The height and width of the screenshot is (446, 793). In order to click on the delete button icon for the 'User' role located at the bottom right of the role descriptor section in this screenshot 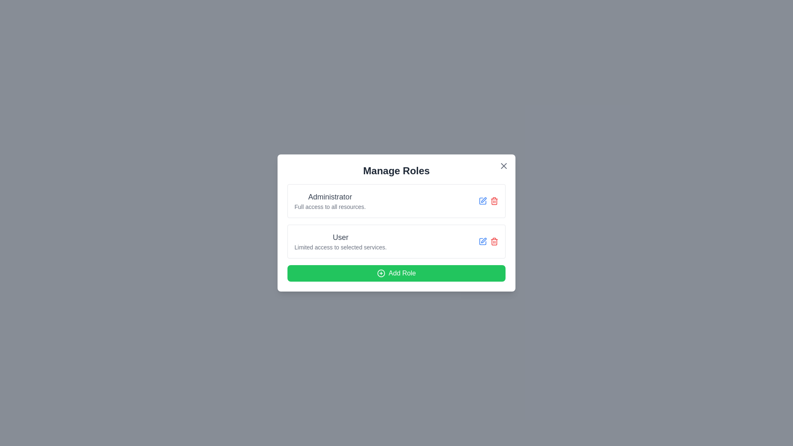, I will do `click(494, 242)`.